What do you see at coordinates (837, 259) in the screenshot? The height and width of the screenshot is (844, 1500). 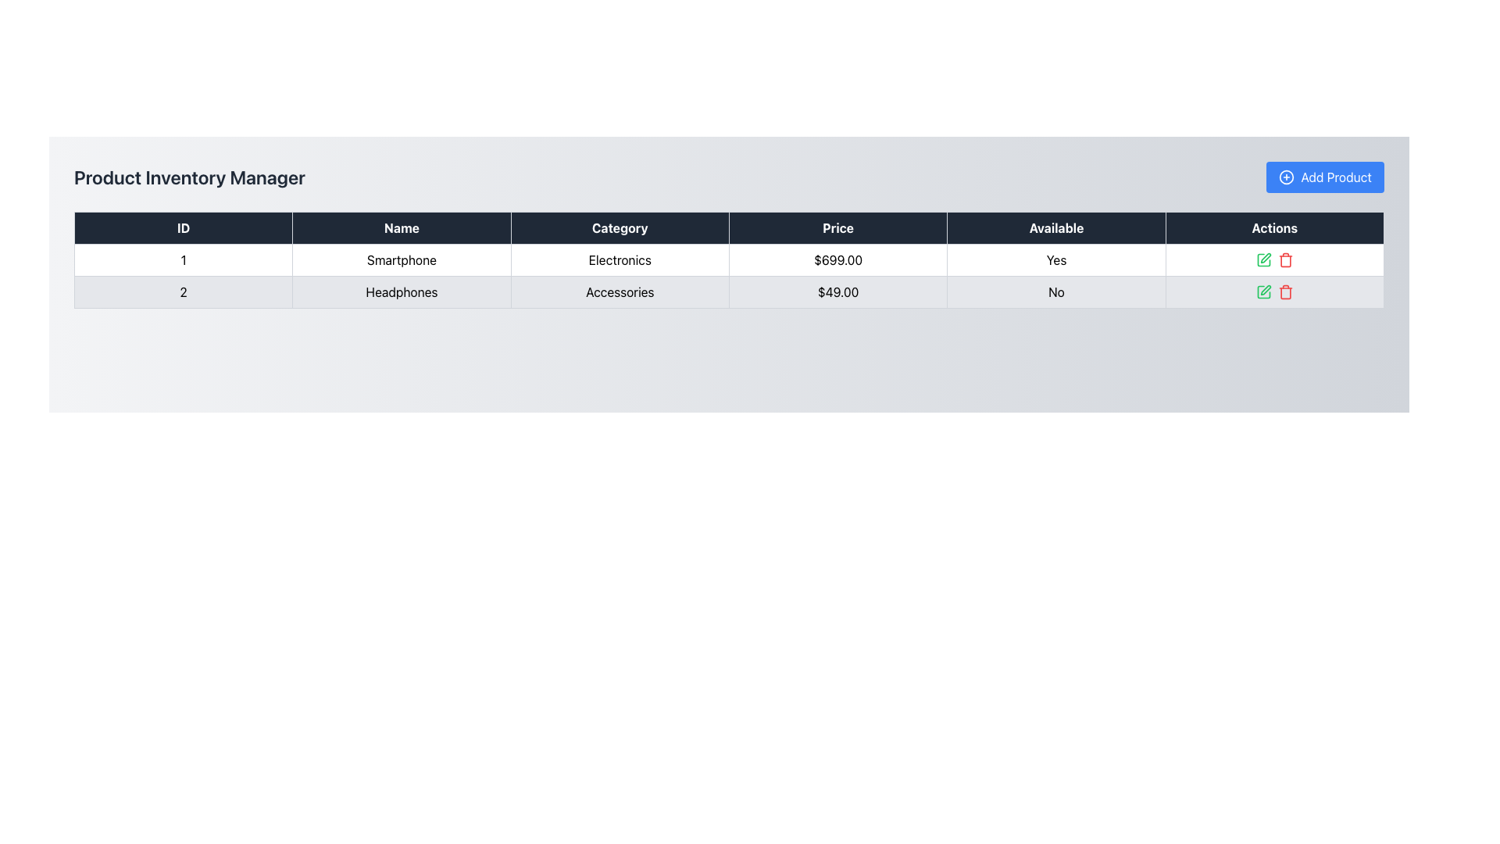 I see `the Text Label displaying the price '$699.00' in the fourth column of the first row of the product details table` at bounding box center [837, 259].